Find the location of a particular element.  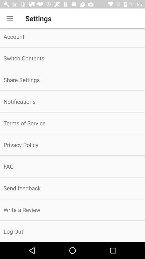

switch contents item is located at coordinates (73, 58).